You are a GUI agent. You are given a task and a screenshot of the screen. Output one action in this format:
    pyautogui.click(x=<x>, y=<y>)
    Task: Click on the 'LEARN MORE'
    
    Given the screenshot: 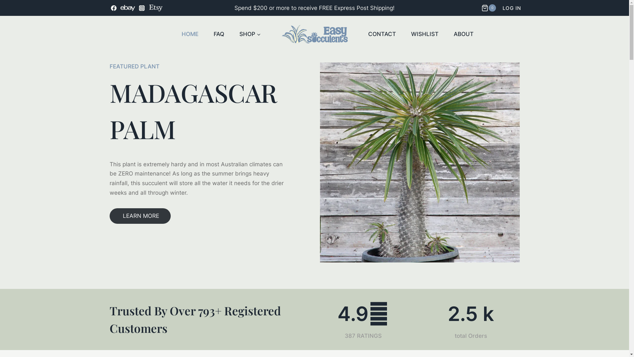 What is the action you would take?
    pyautogui.click(x=109, y=216)
    